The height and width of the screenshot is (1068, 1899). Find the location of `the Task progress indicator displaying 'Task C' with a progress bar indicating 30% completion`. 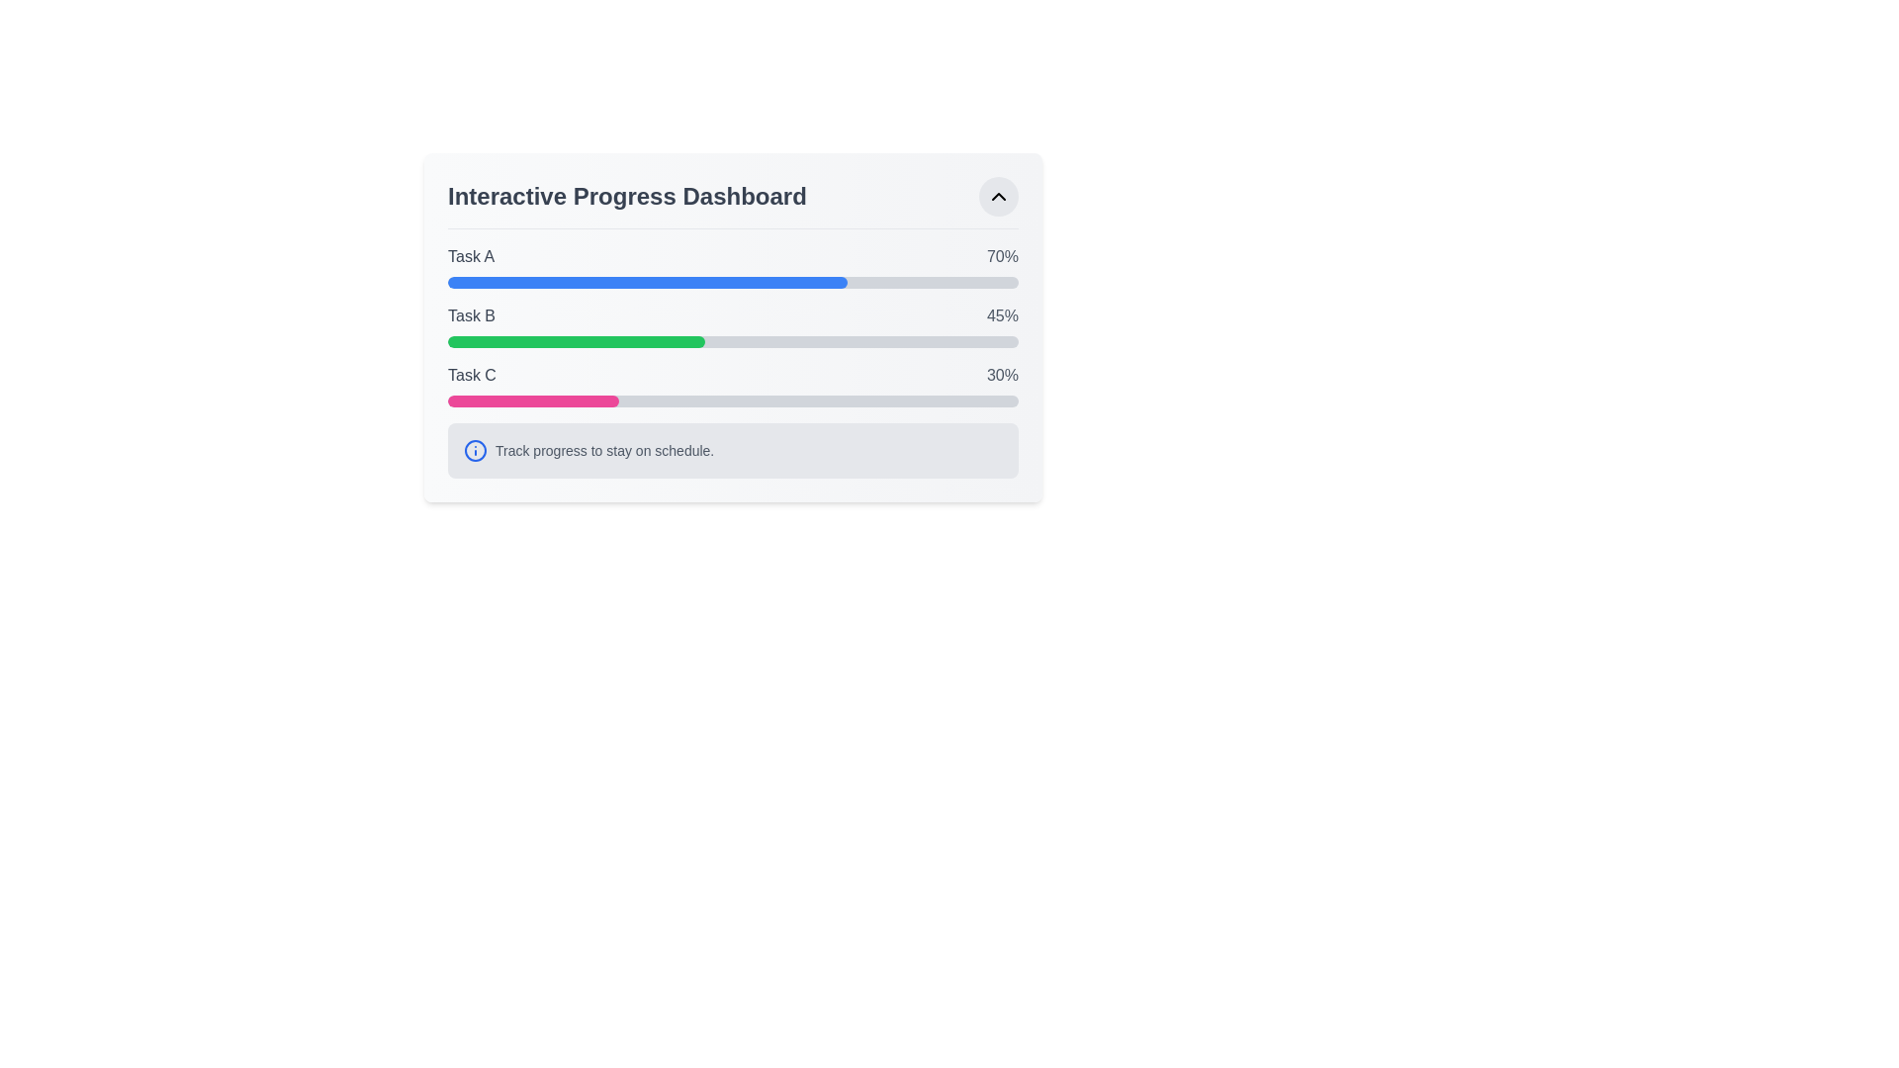

the Task progress indicator displaying 'Task C' with a progress bar indicating 30% completion is located at coordinates (732, 385).